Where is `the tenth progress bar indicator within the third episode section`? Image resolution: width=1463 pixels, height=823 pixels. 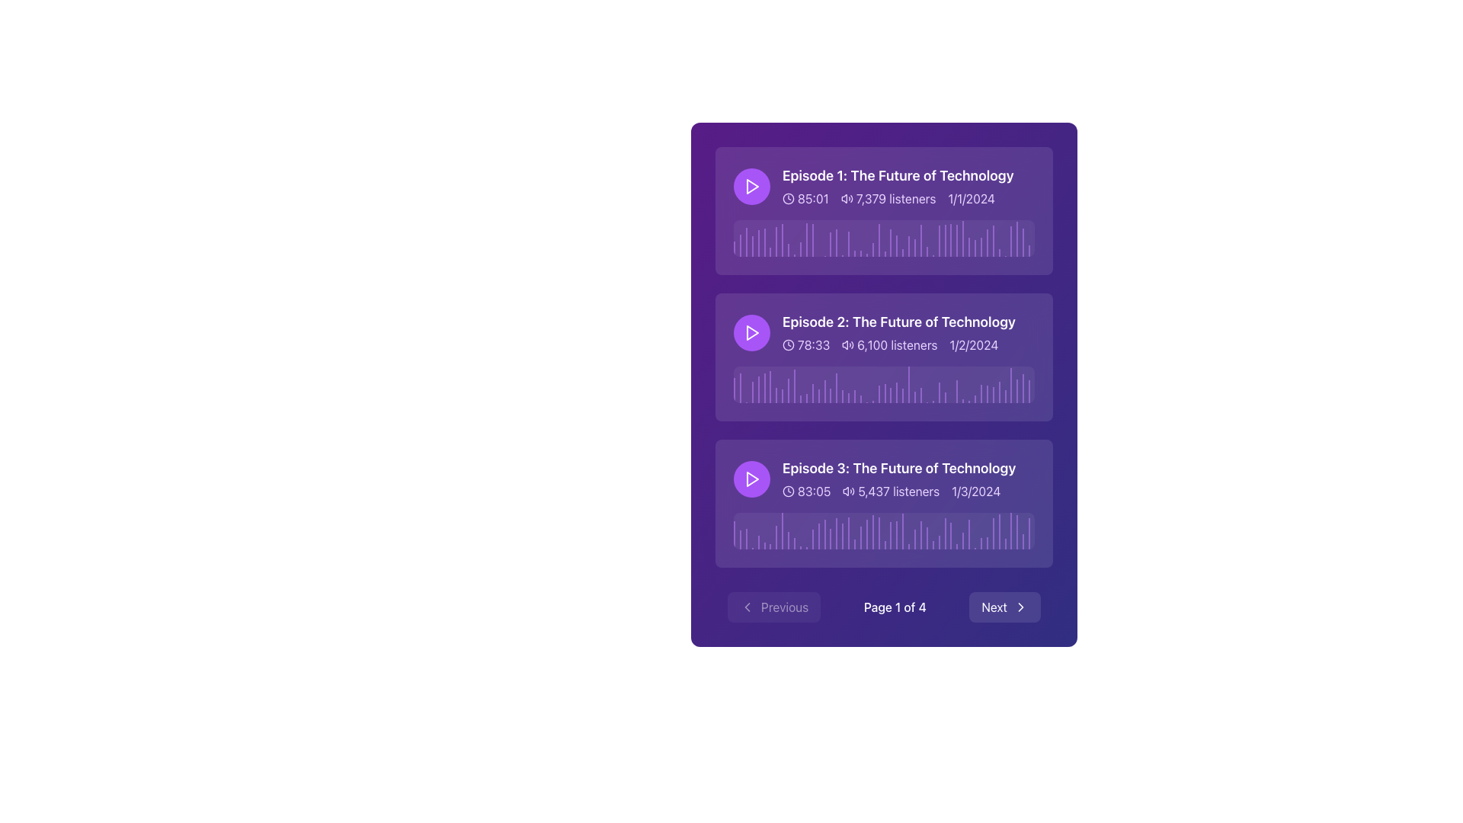
the tenth progress bar indicator within the third episode section is located at coordinates (789, 540).